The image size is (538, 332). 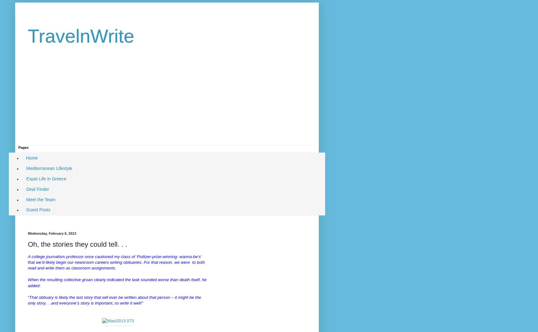 I want to click on 'A college journalism professor once cautioned my class of ‘Pulitzer-prize-winning- wanna-be’s’ that we’d likely begin our newsroom careers writing obituaries. For that reason, we were  to both read and write them as classroom assignments.', so click(x=28, y=262).